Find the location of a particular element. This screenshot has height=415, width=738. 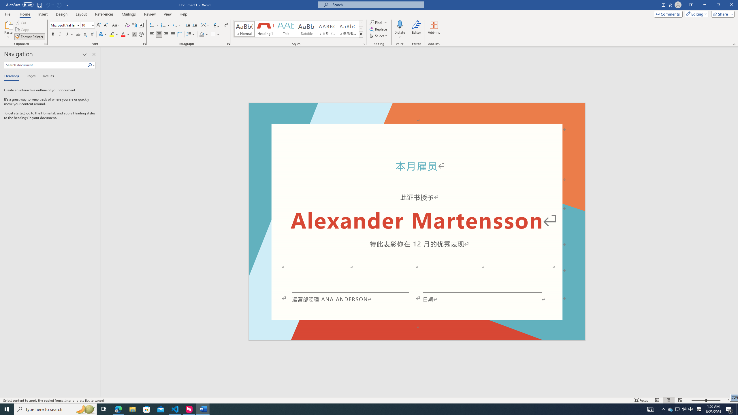

'Page 1 content' is located at coordinates (417, 226).